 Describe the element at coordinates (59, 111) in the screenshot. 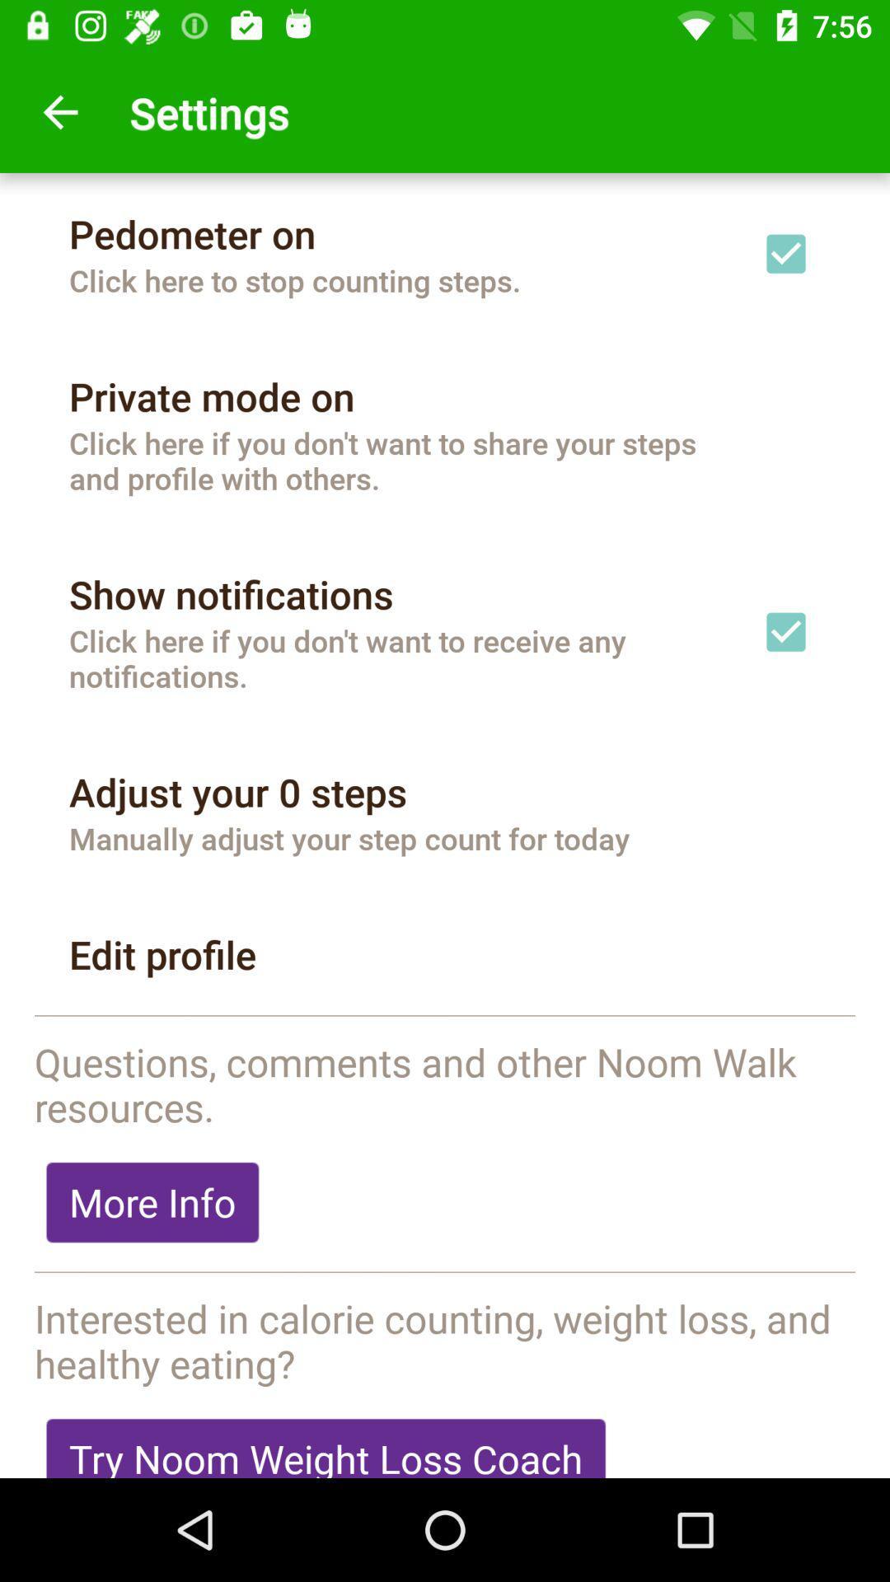

I see `icon next to settings icon` at that location.